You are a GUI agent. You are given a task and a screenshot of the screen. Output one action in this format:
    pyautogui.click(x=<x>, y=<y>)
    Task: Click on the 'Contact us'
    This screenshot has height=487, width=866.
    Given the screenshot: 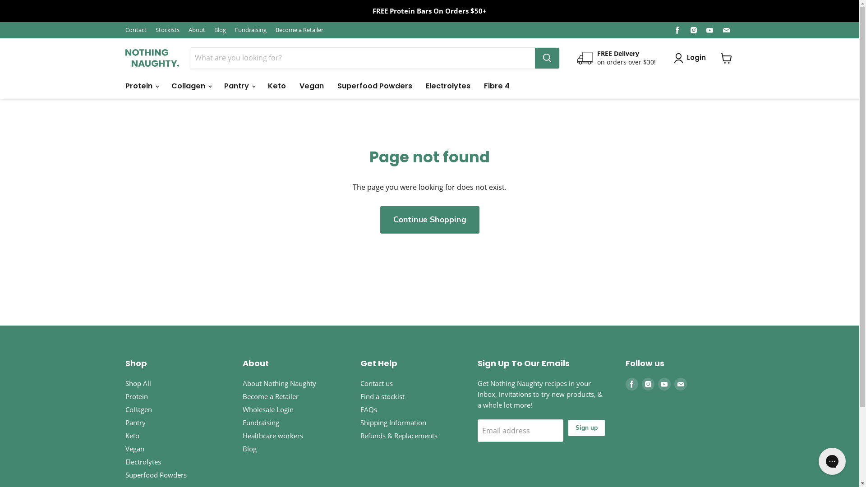 What is the action you would take?
    pyautogui.click(x=376, y=383)
    